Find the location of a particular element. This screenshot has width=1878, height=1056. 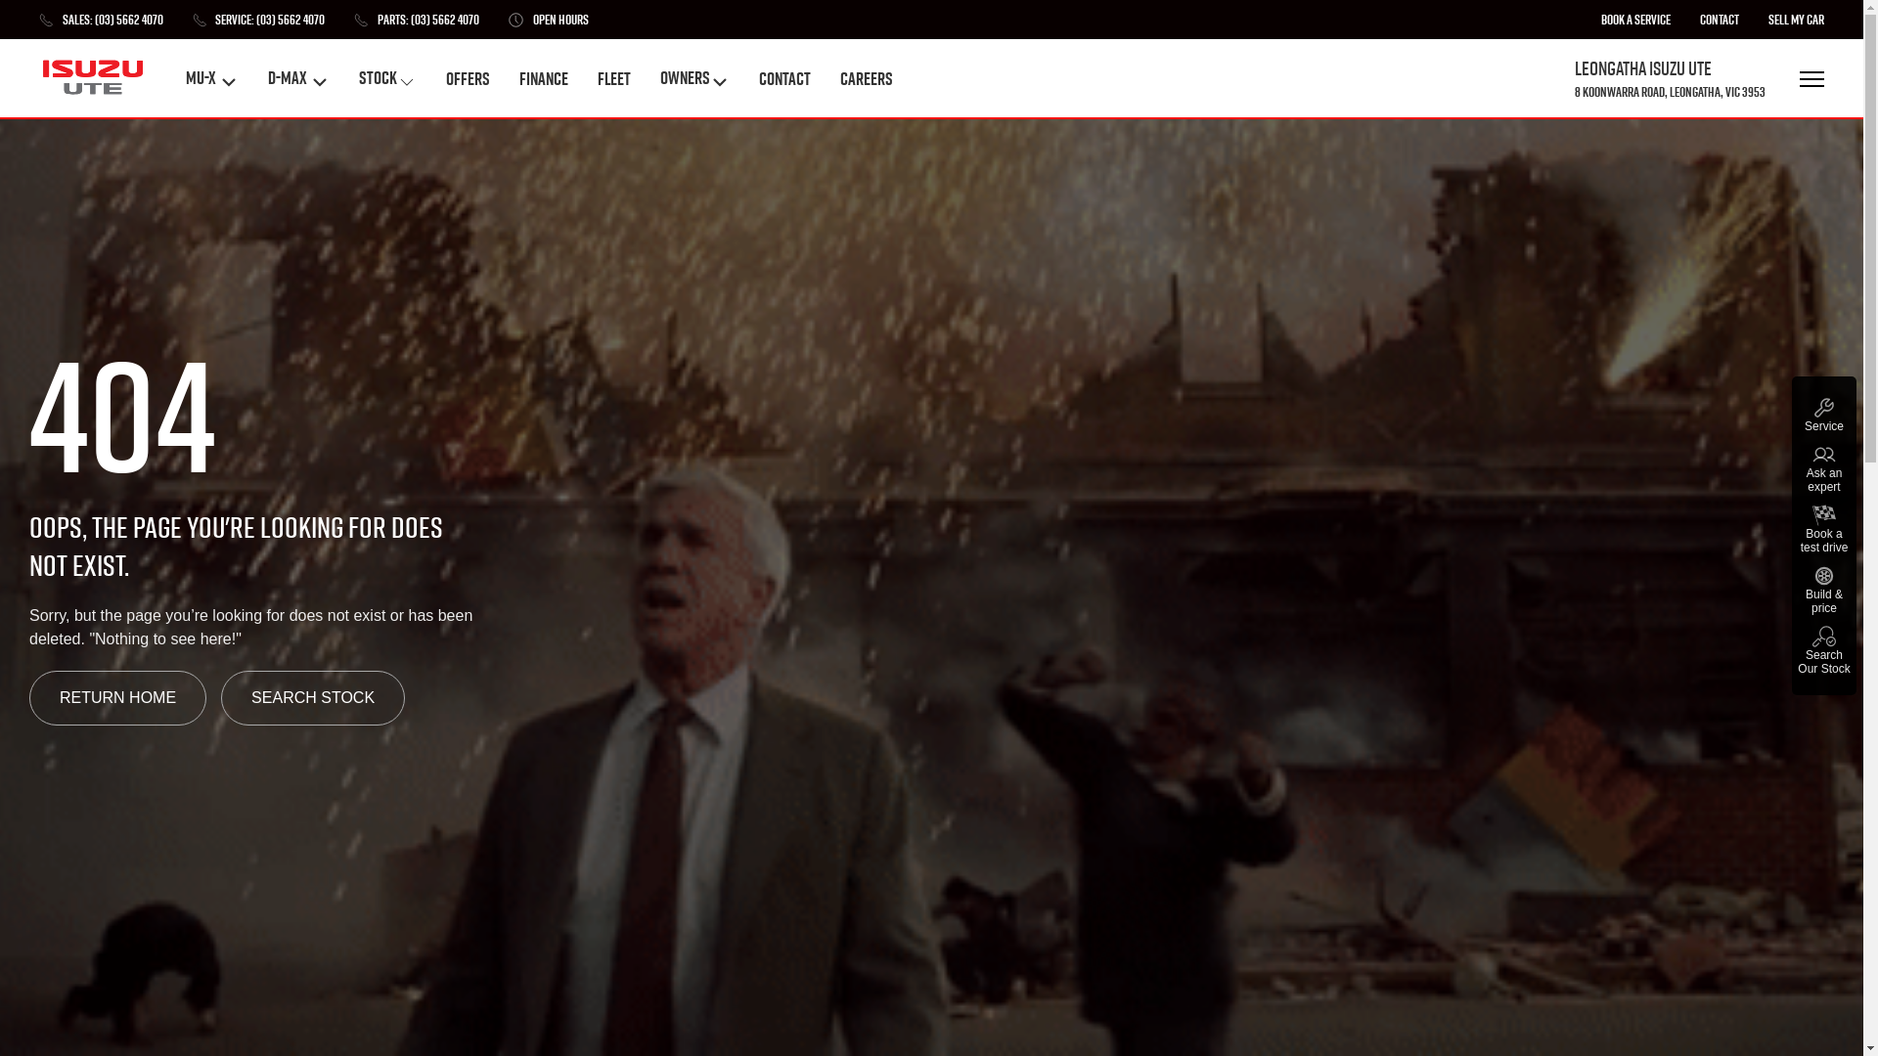

'Service' is located at coordinates (1823, 414).